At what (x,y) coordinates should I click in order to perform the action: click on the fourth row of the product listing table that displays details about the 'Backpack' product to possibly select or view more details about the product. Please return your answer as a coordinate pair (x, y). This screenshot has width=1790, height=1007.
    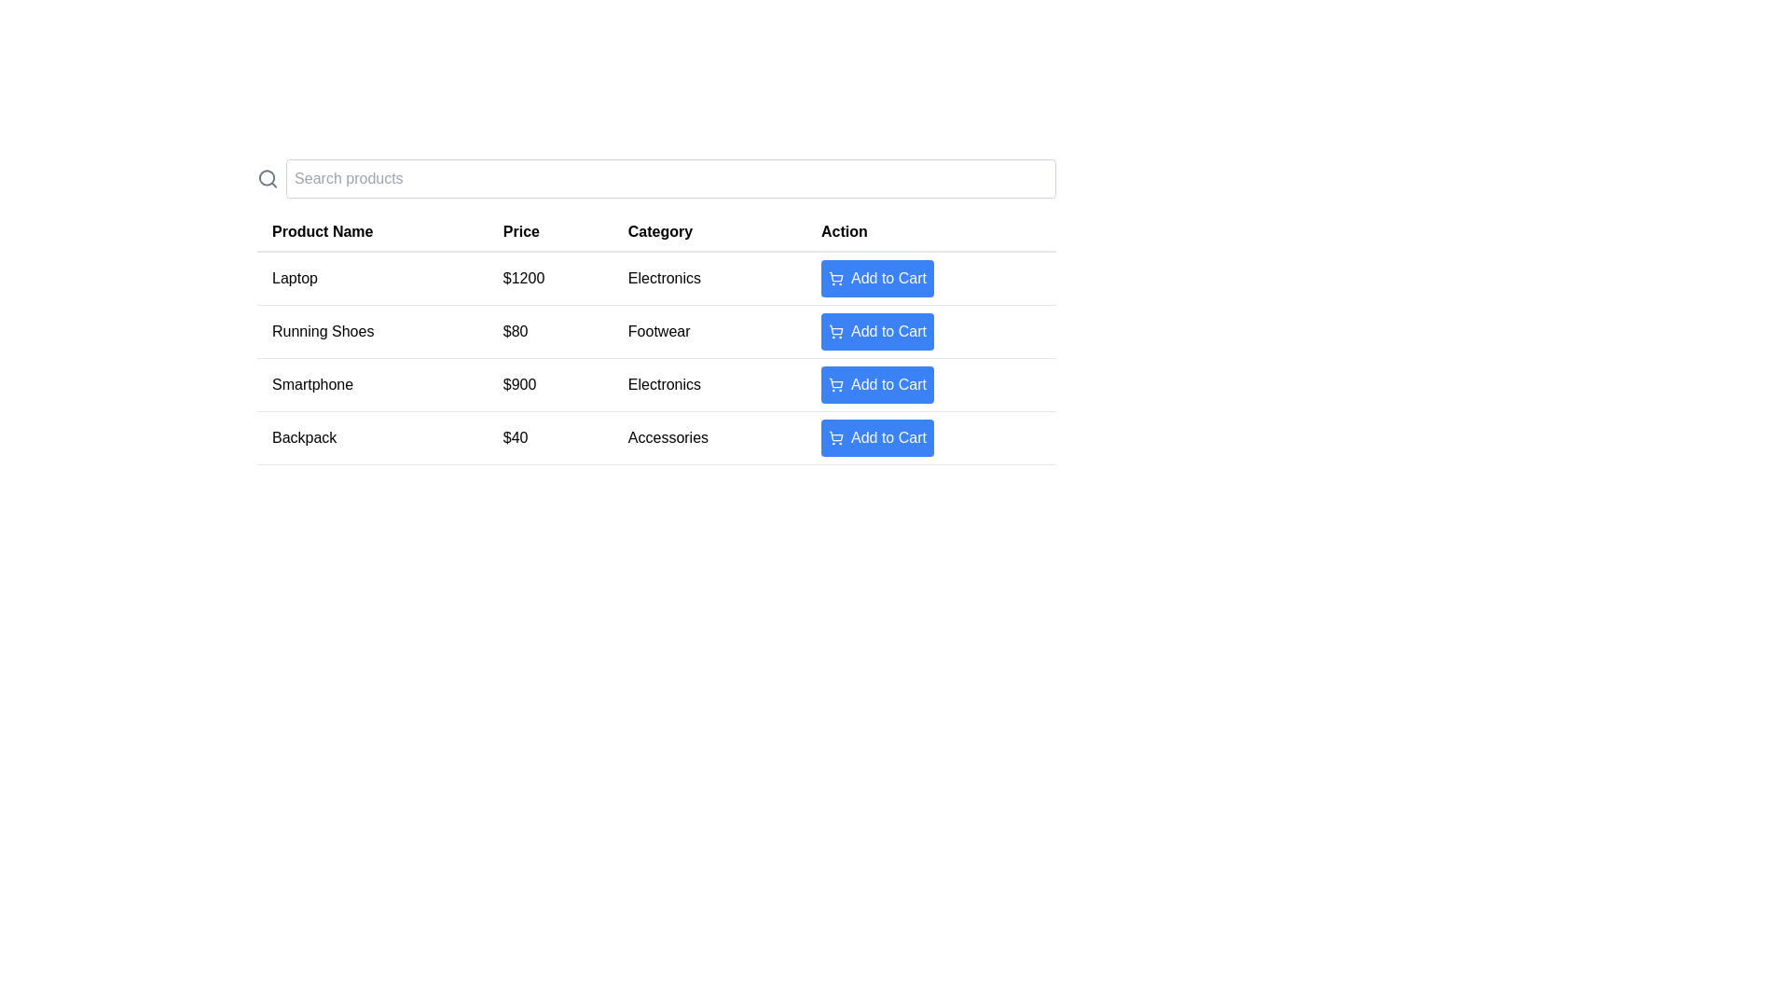
    Looking at the image, I should click on (656, 438).